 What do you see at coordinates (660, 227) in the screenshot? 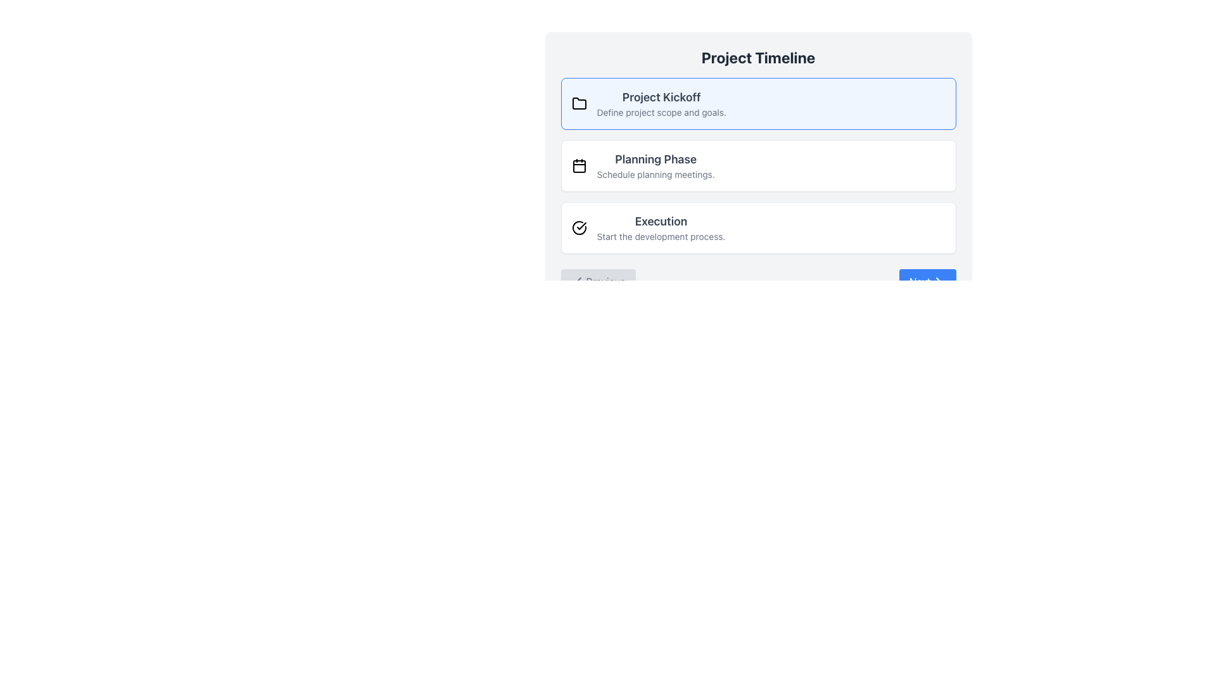
I see `the static text label that indicates the 'Execution' phase in the project workflow, which includes the description 'Start the development process.'` at bounding box center [660, 227].